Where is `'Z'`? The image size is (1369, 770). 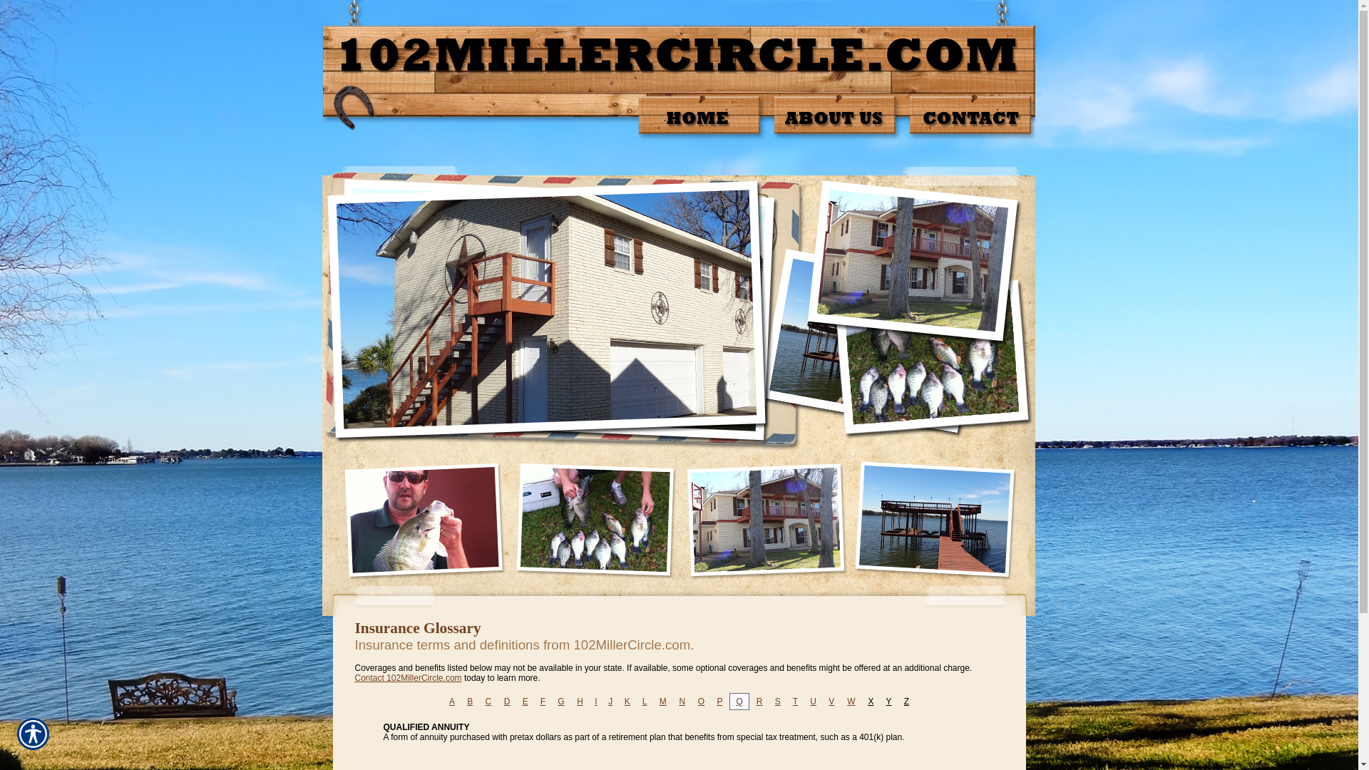 'Z' is located at coordinates (906, 700).